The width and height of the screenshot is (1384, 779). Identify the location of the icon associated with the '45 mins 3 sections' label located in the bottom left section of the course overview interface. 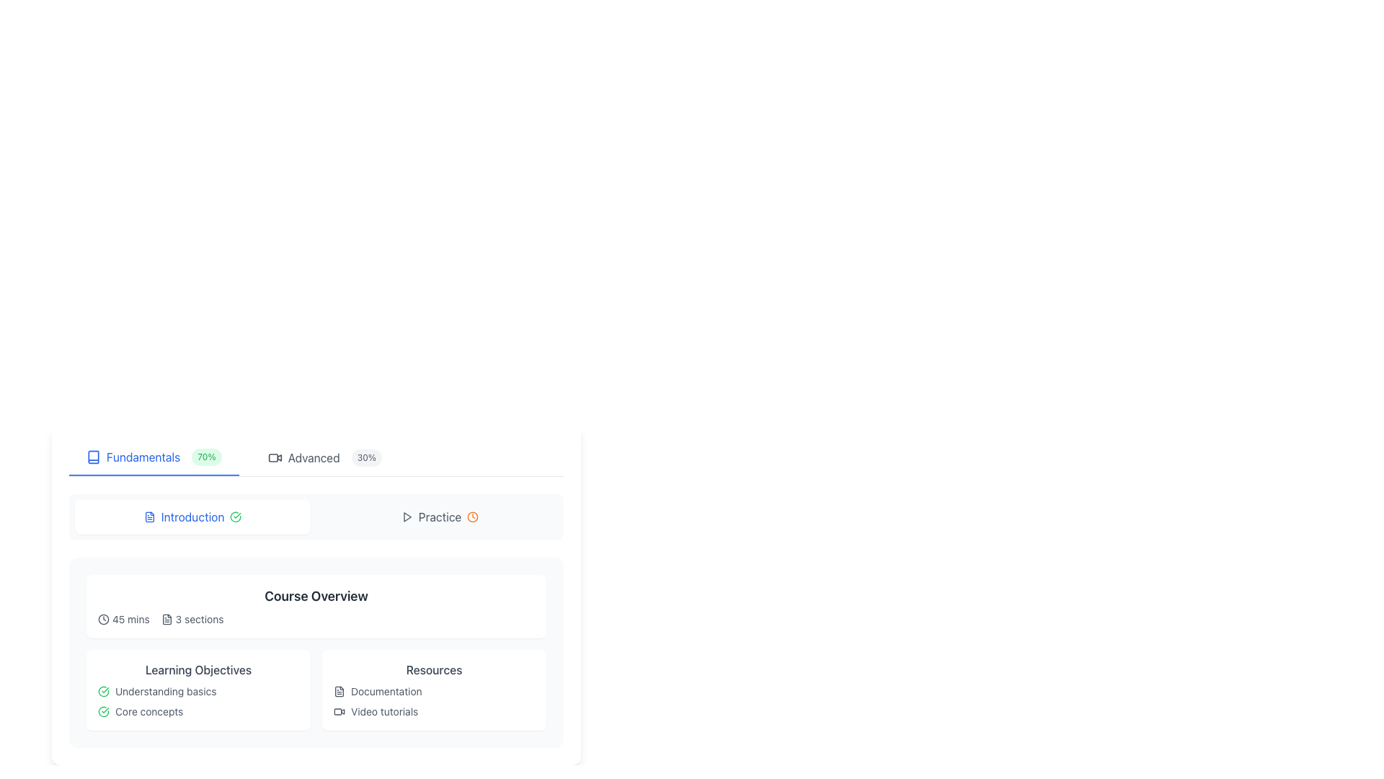
(167, 619).